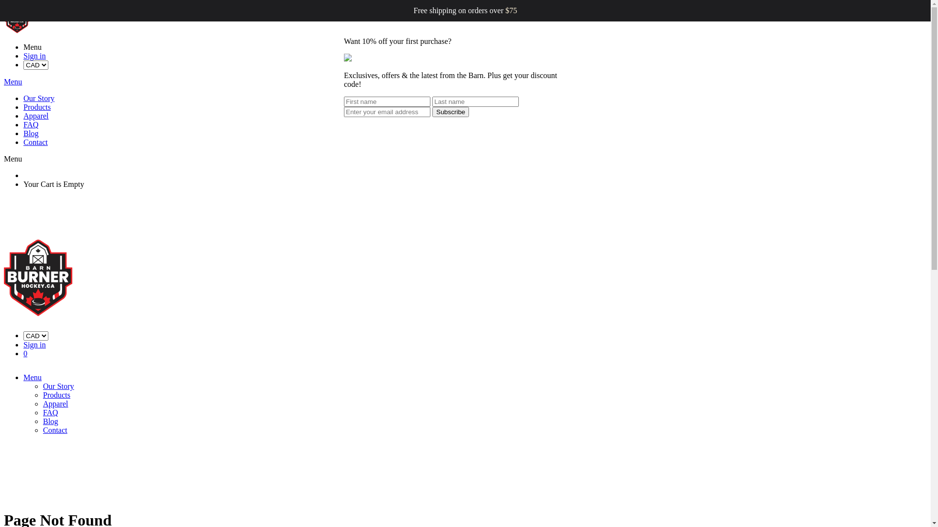 The image size is (938, 527). I want to click on 'Subscribe', so click(431, 111).